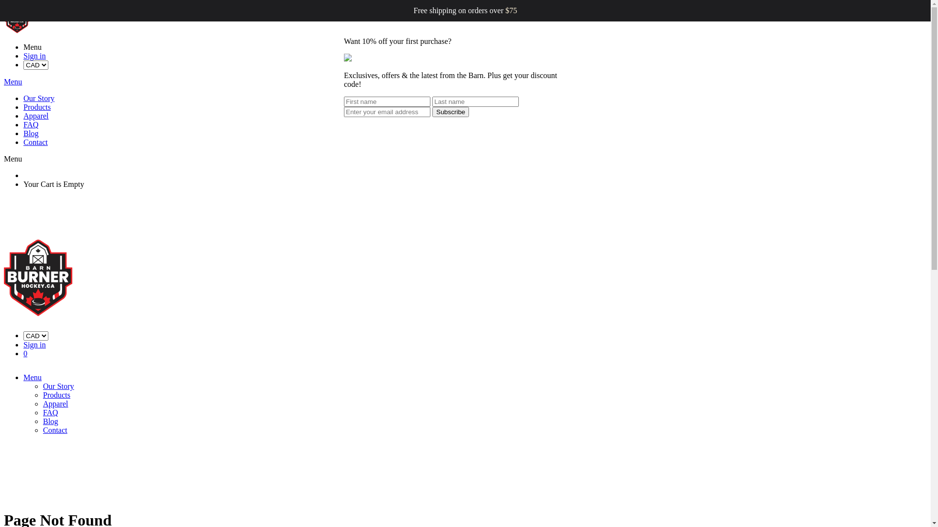 The image size is (938, 527). I want to click on 'Subscribe', so click(431, 111).